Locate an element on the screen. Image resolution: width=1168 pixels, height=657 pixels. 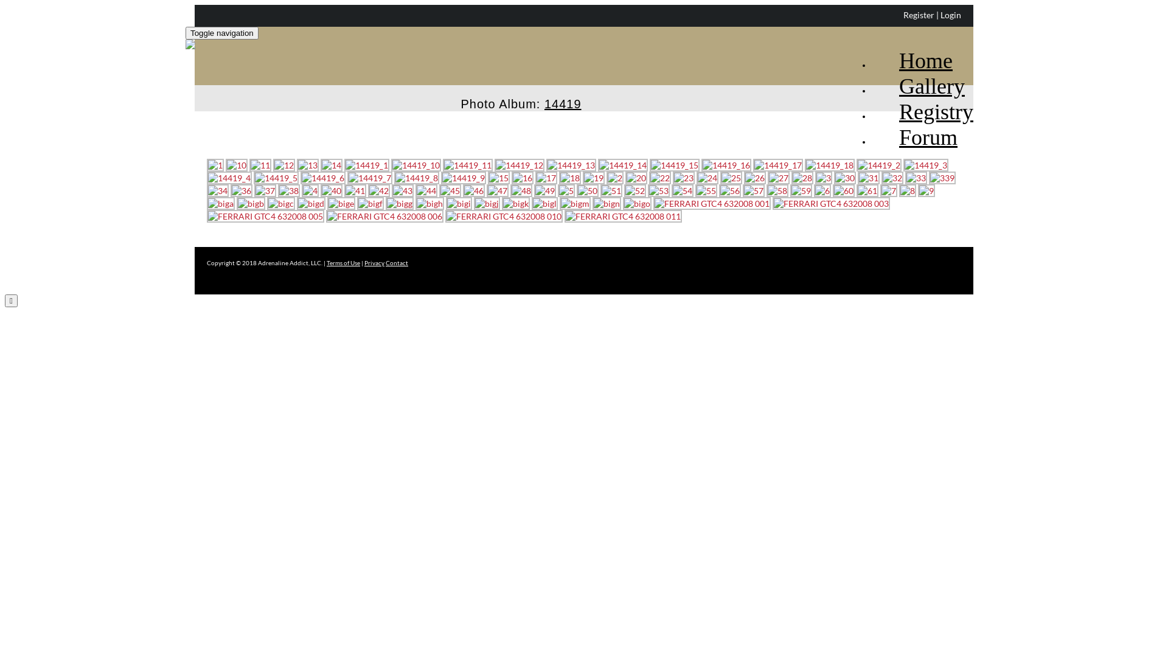
'7 (click to enlarge)' is located at coordinates (888, 190).